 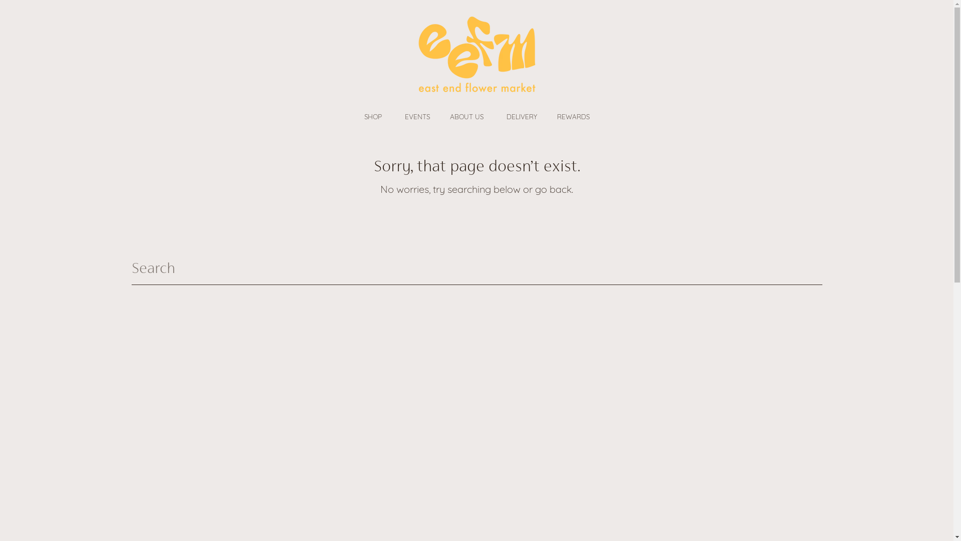 What do you see at coordinates (546, 116) in the screenshot?
I see `'REWARDS'` at bounding box center [546, 116].